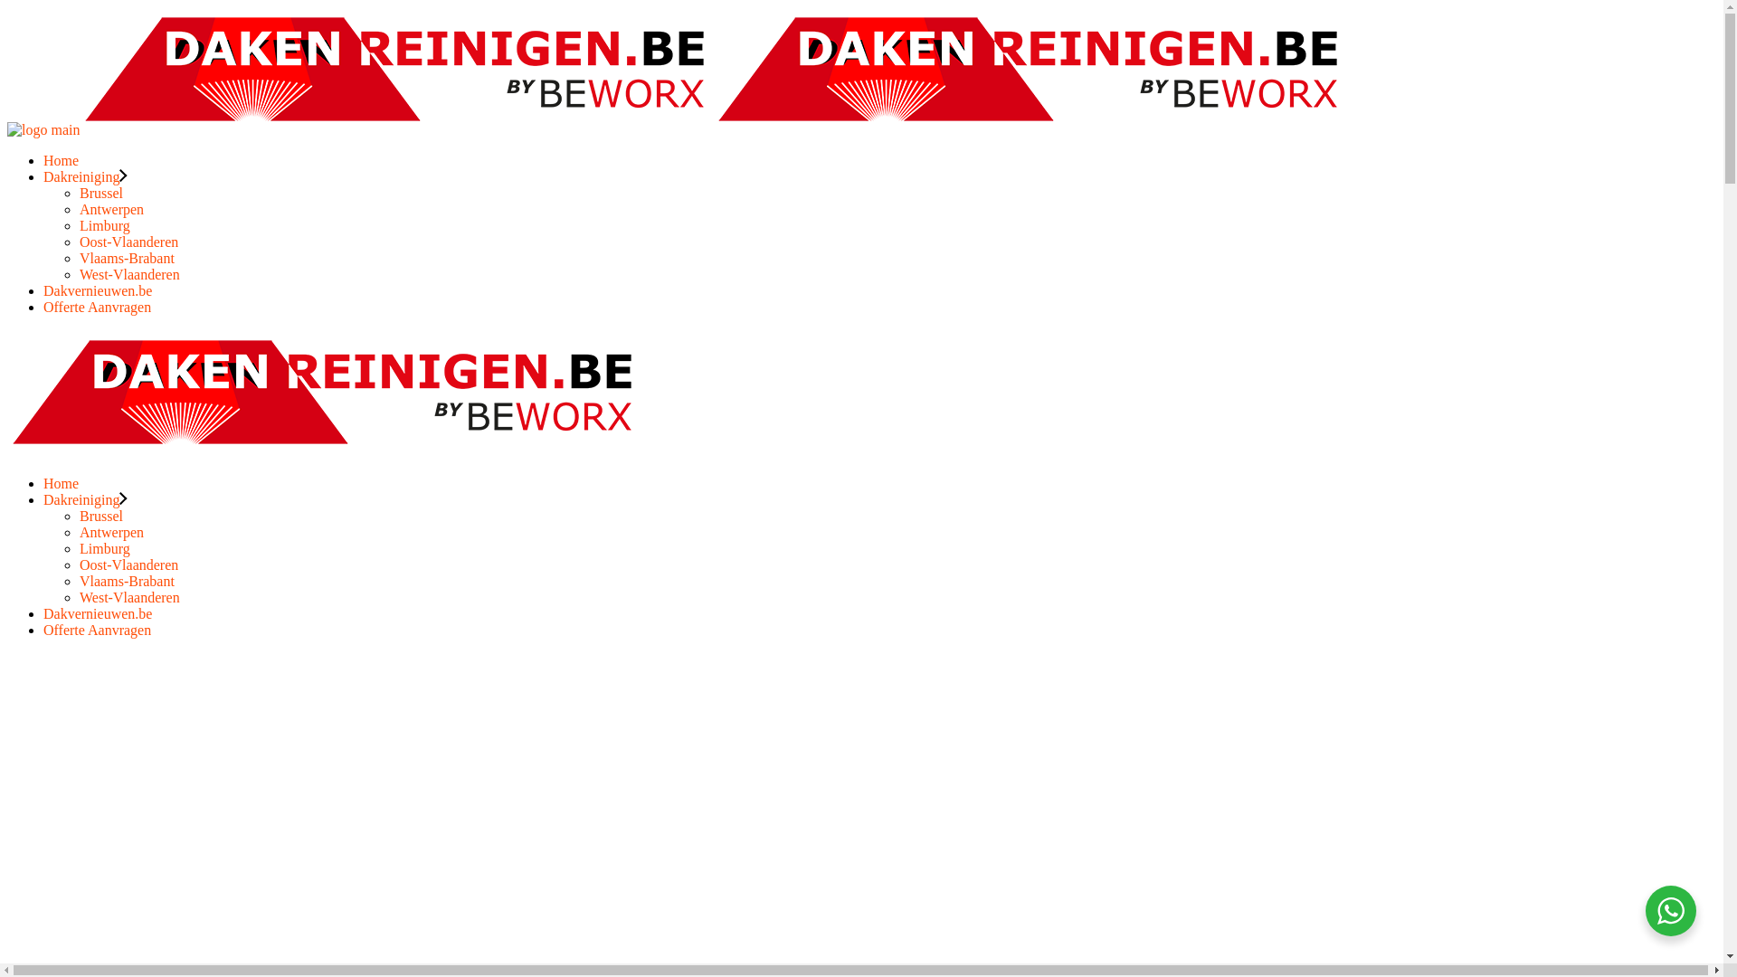  I want to click on 'Home', so click(61, 159).